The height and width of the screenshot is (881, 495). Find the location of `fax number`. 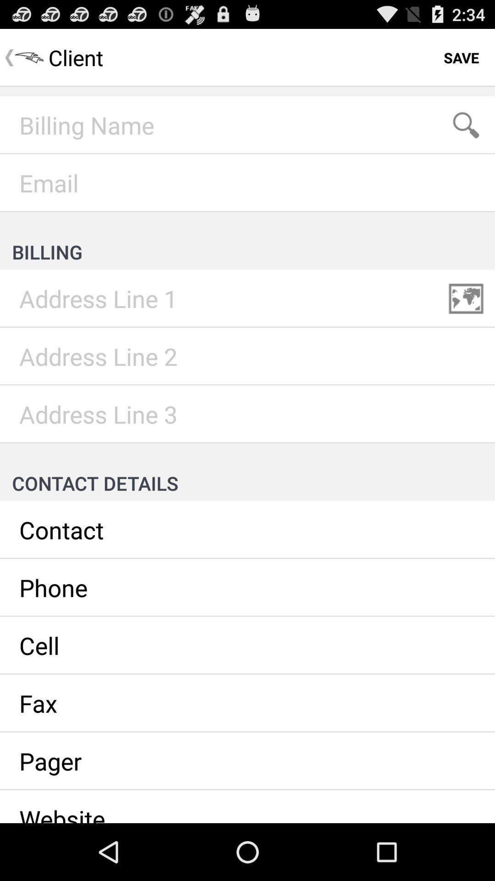

fax number is located at coordinates (247, 703).